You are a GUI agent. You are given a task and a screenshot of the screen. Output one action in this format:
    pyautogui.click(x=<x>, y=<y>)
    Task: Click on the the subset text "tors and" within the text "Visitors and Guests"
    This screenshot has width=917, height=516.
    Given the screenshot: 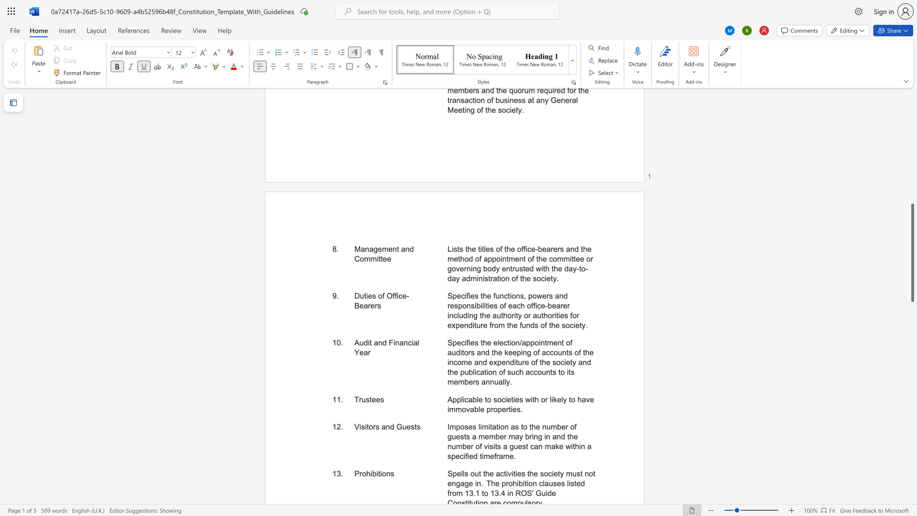 What is the action you would take?
    pyautogui.click(x=366, y=426)
    